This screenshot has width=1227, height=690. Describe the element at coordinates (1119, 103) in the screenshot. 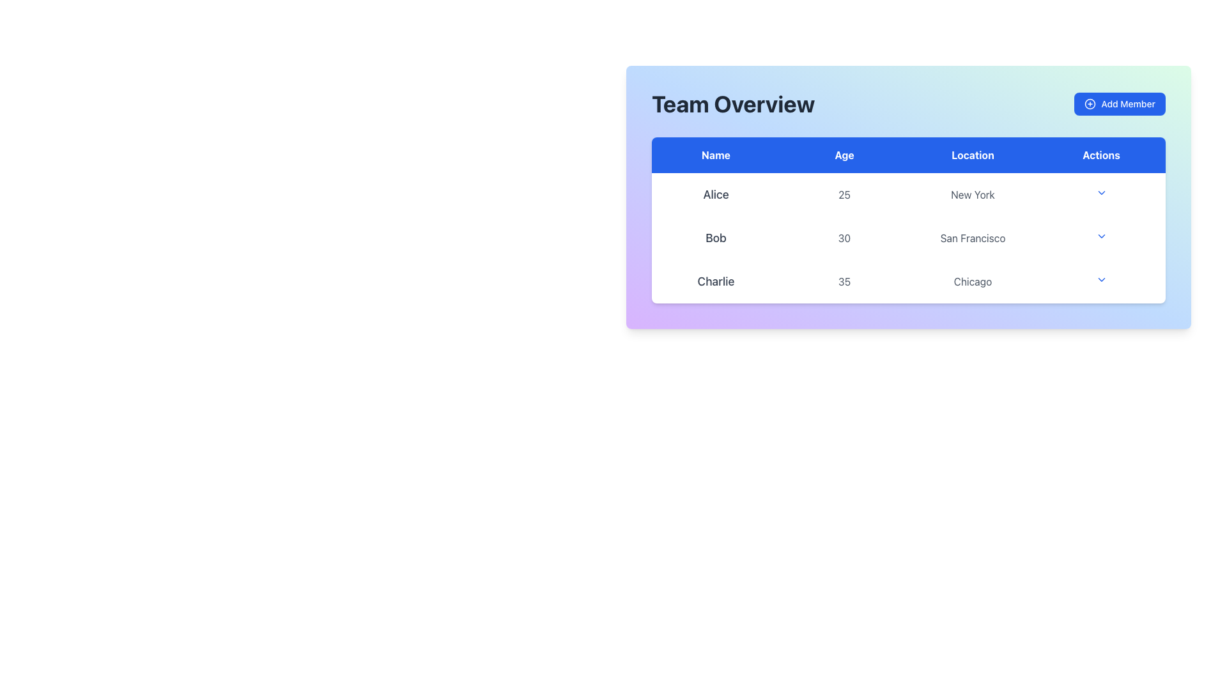

I see `the 'Add Member' button with a blue background and white text in the header section of the 'Team Overview' interface` at that location.